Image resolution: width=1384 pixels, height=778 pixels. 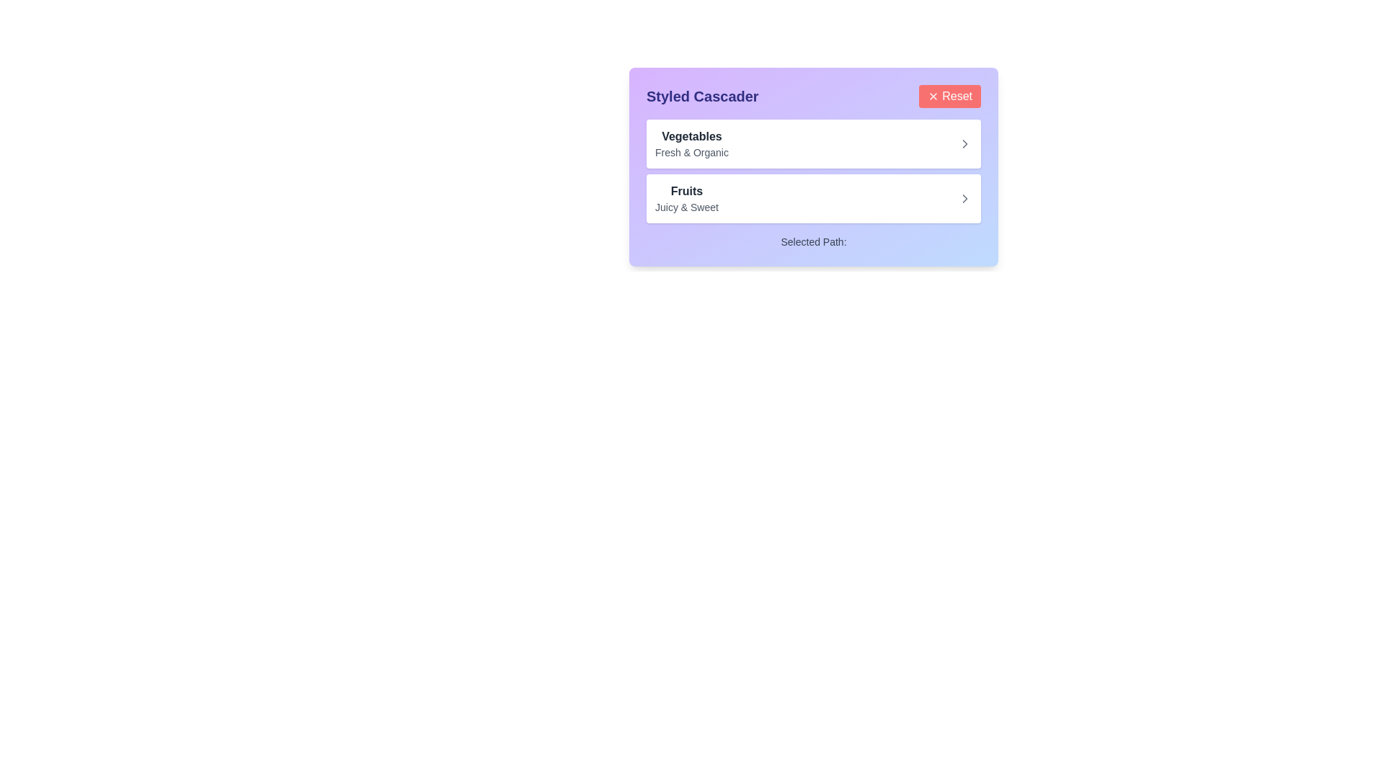 What do you see at coordinates (965, 199) in the screenshot?
I see `the rightward-pointing chevron arrow icon located within the 'Fruits' entry` at bounding box center [965, 199].